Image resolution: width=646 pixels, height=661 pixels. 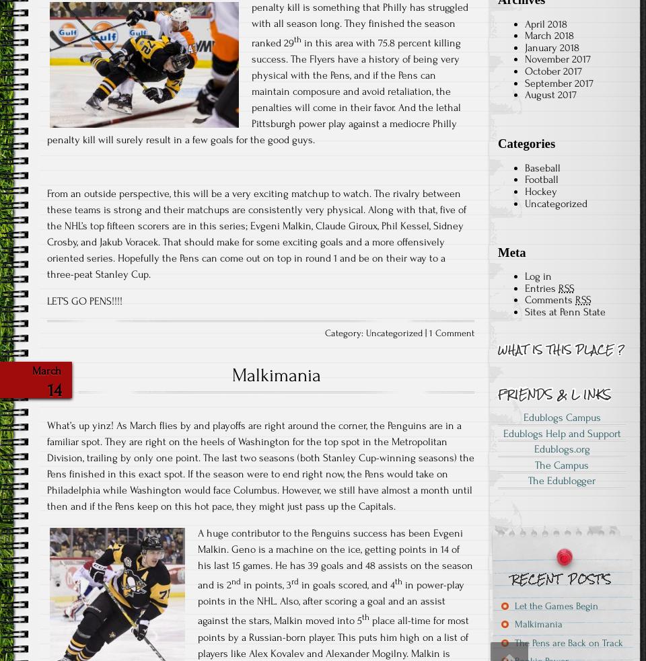 What do you see at coordinates (260, 465) in the screenshot?
I see `'What’s up yinz! As March flies by and playoffs are right around the corner, the Penguins are in a familiar spot. They are right on the heels of Washington for the top spot in the Metropolitan Division, trailing by only one point. The last two seasons (both Stanley Cup-winning seasons) the Pens finished in this exact spot. If the season were to end right now, the Pens would take on Philadelphia while Washington would face Columbus. However, we still have almost a month until then and if the Pens keep on this hot pace, they might just pass up the Capitals.'` at bounding box center [260, 465].